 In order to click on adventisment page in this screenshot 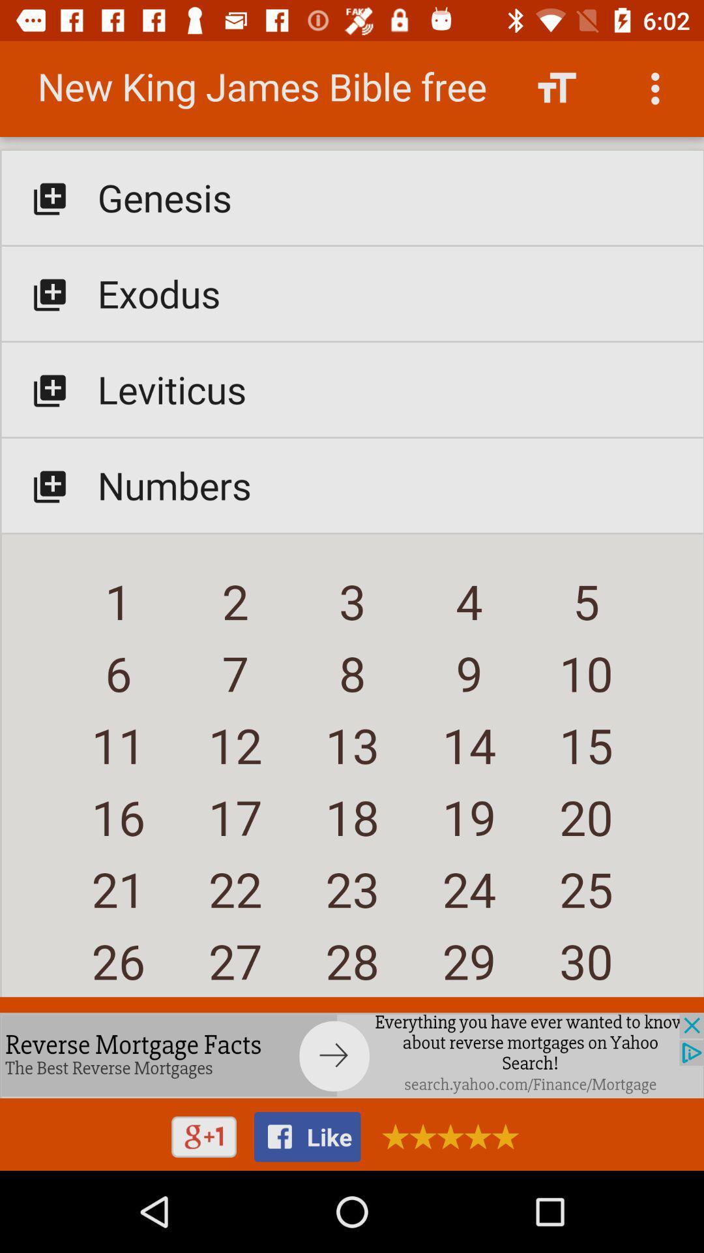, I will do `click(352, 1055)`.